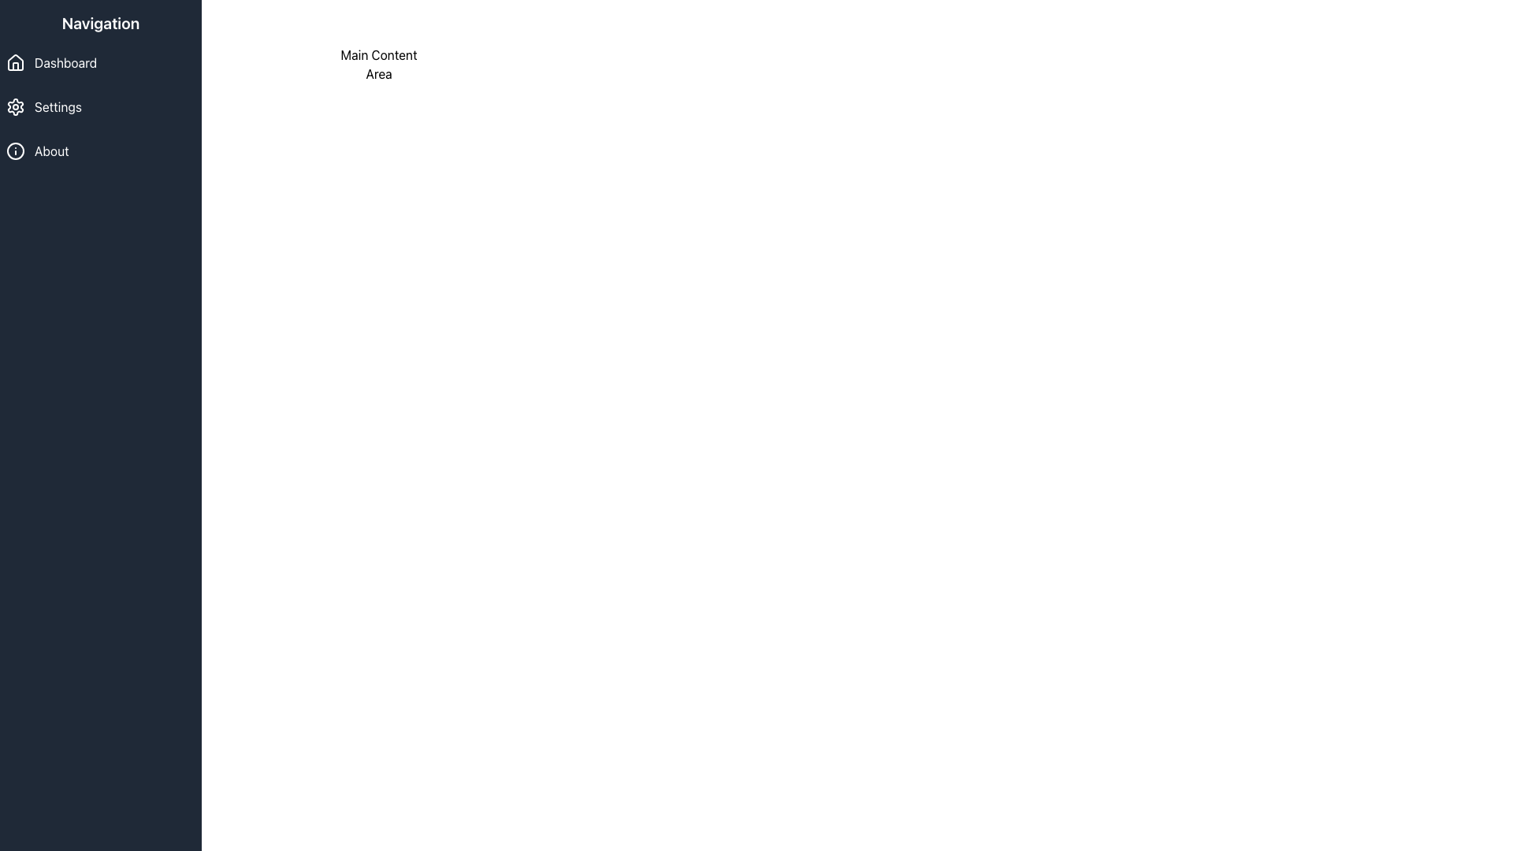  Describe the element at coordinates (65, 62) in the screenshot. I see `the 'Dashboard' text label in the side navigation bar` at that location.